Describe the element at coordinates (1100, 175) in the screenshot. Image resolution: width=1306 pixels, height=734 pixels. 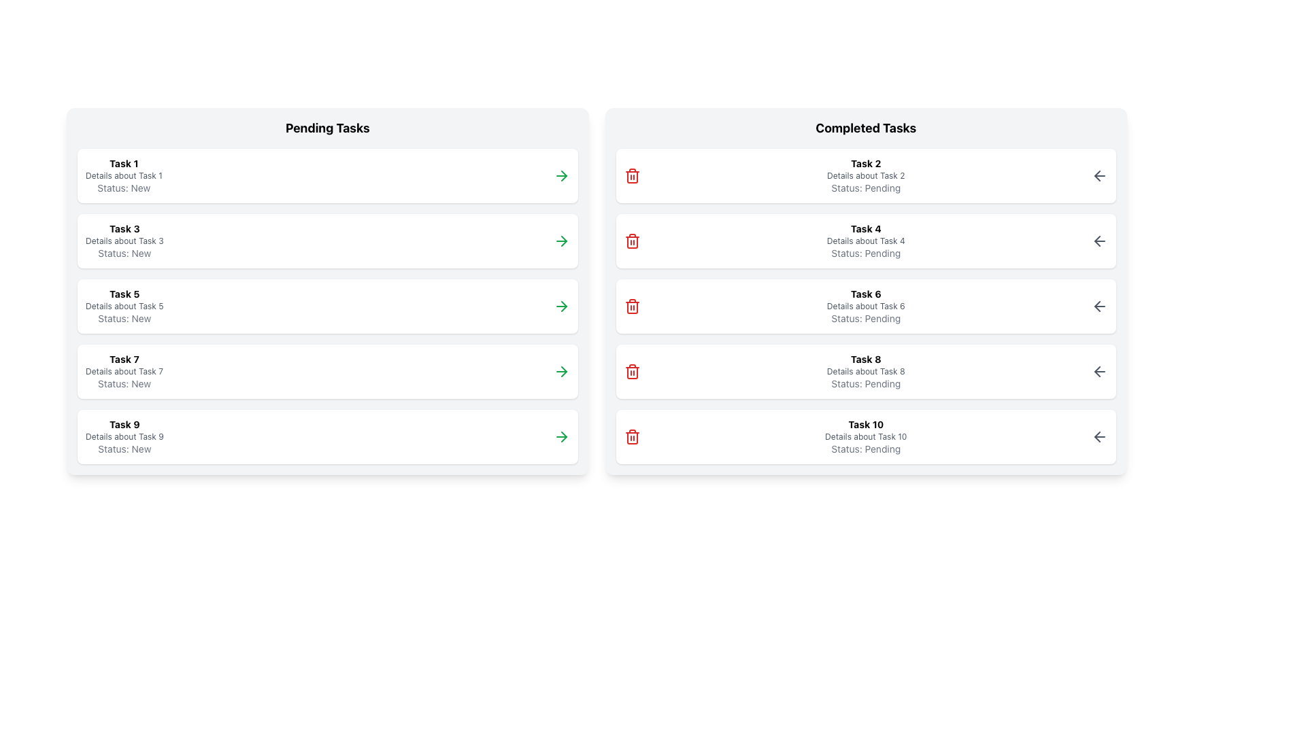
I see `the gray left arrow icon located on the right side of the 'Task 2' card in the 'Completed Tasks' column to invoke its action` at that location.